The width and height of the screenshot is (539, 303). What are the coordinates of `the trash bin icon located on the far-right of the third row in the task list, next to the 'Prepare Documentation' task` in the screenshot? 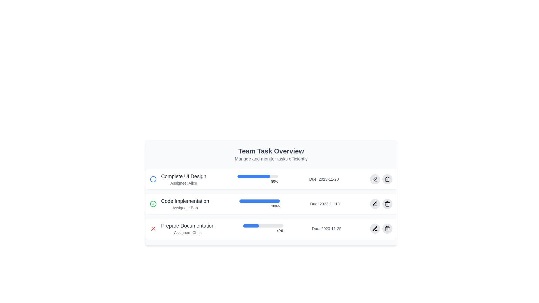 It's located at (387, 228).